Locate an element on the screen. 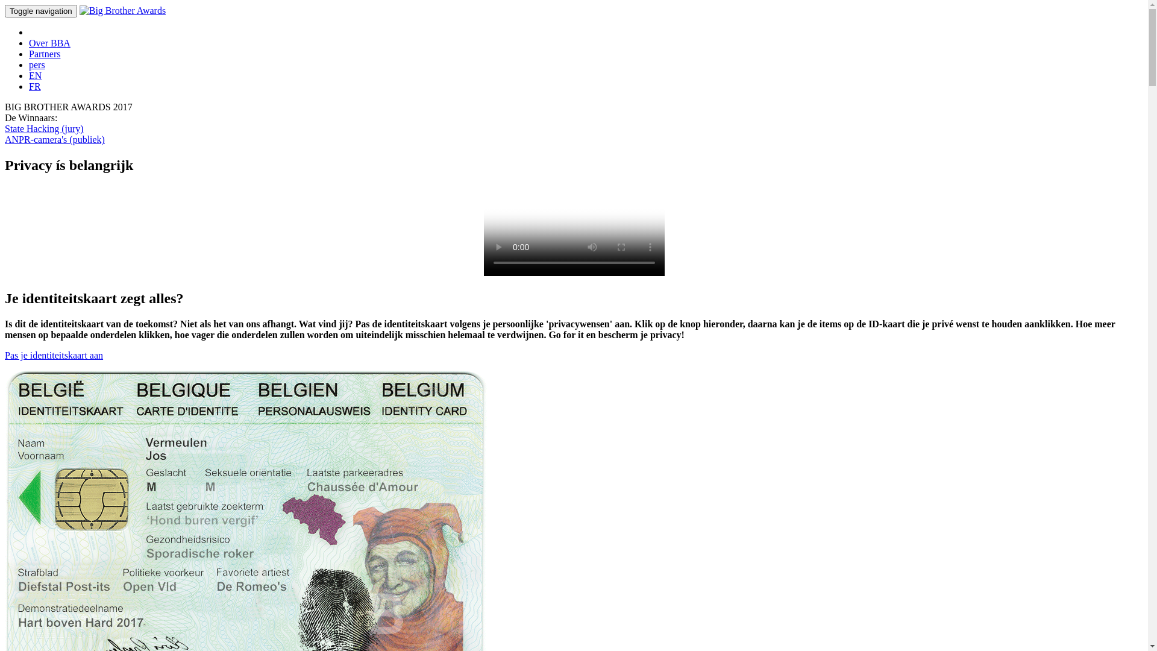  'FR' is located at coordinates (34, 86).